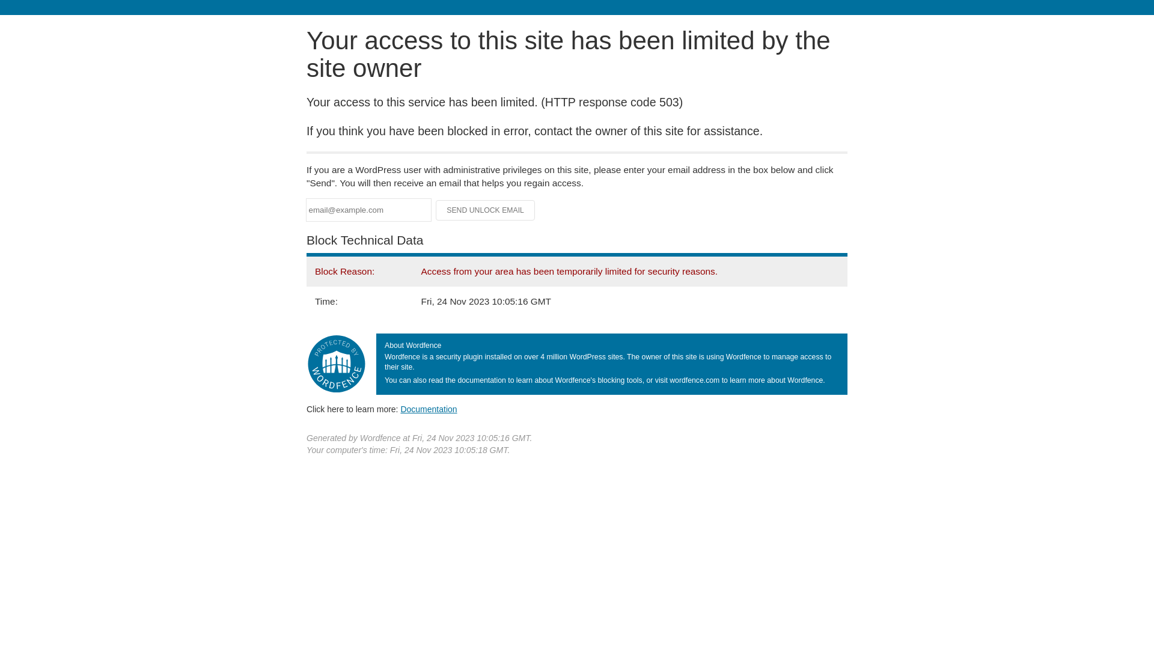  What do you see at coordinates (485, 210) in the screenshot?
I see `'Send Unlock Email'` at bounding box center [485, 210].